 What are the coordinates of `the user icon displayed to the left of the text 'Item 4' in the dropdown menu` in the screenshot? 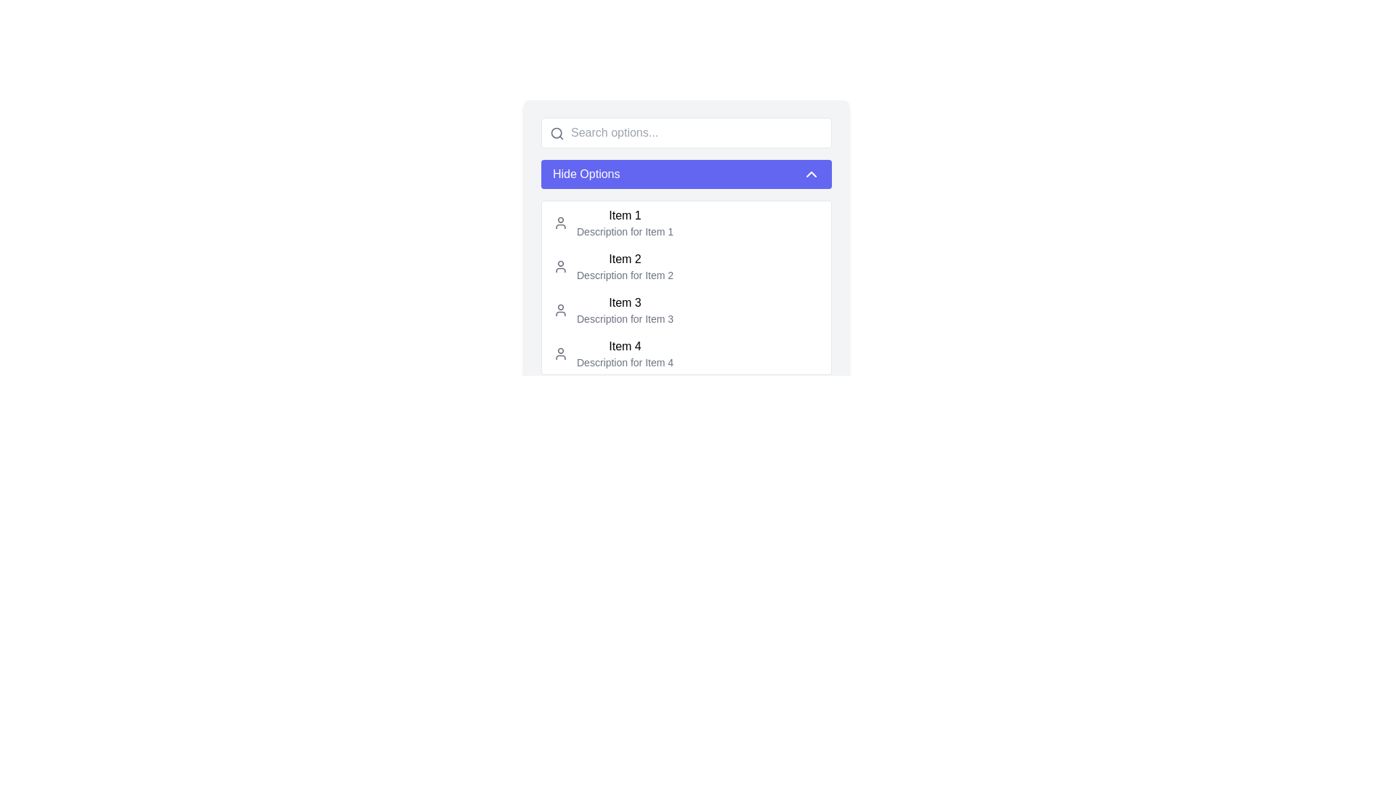 It's located at (560, 353).